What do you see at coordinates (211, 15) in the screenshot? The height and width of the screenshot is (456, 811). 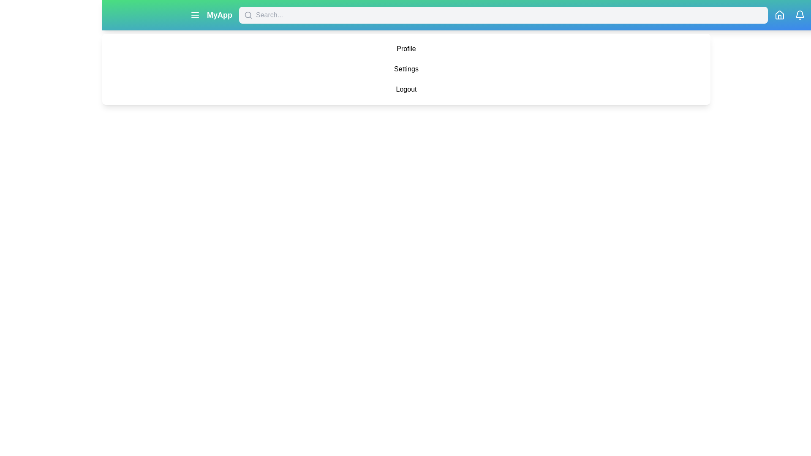 I see `text label displaying 'MyApp' which is styled in bold white font and positioned in the top navigation bar to the right of the menu icon` at bounding box center [211, 15].